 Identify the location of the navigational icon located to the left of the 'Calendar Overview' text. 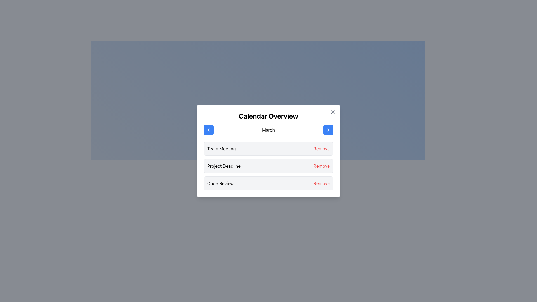
(208, 130).